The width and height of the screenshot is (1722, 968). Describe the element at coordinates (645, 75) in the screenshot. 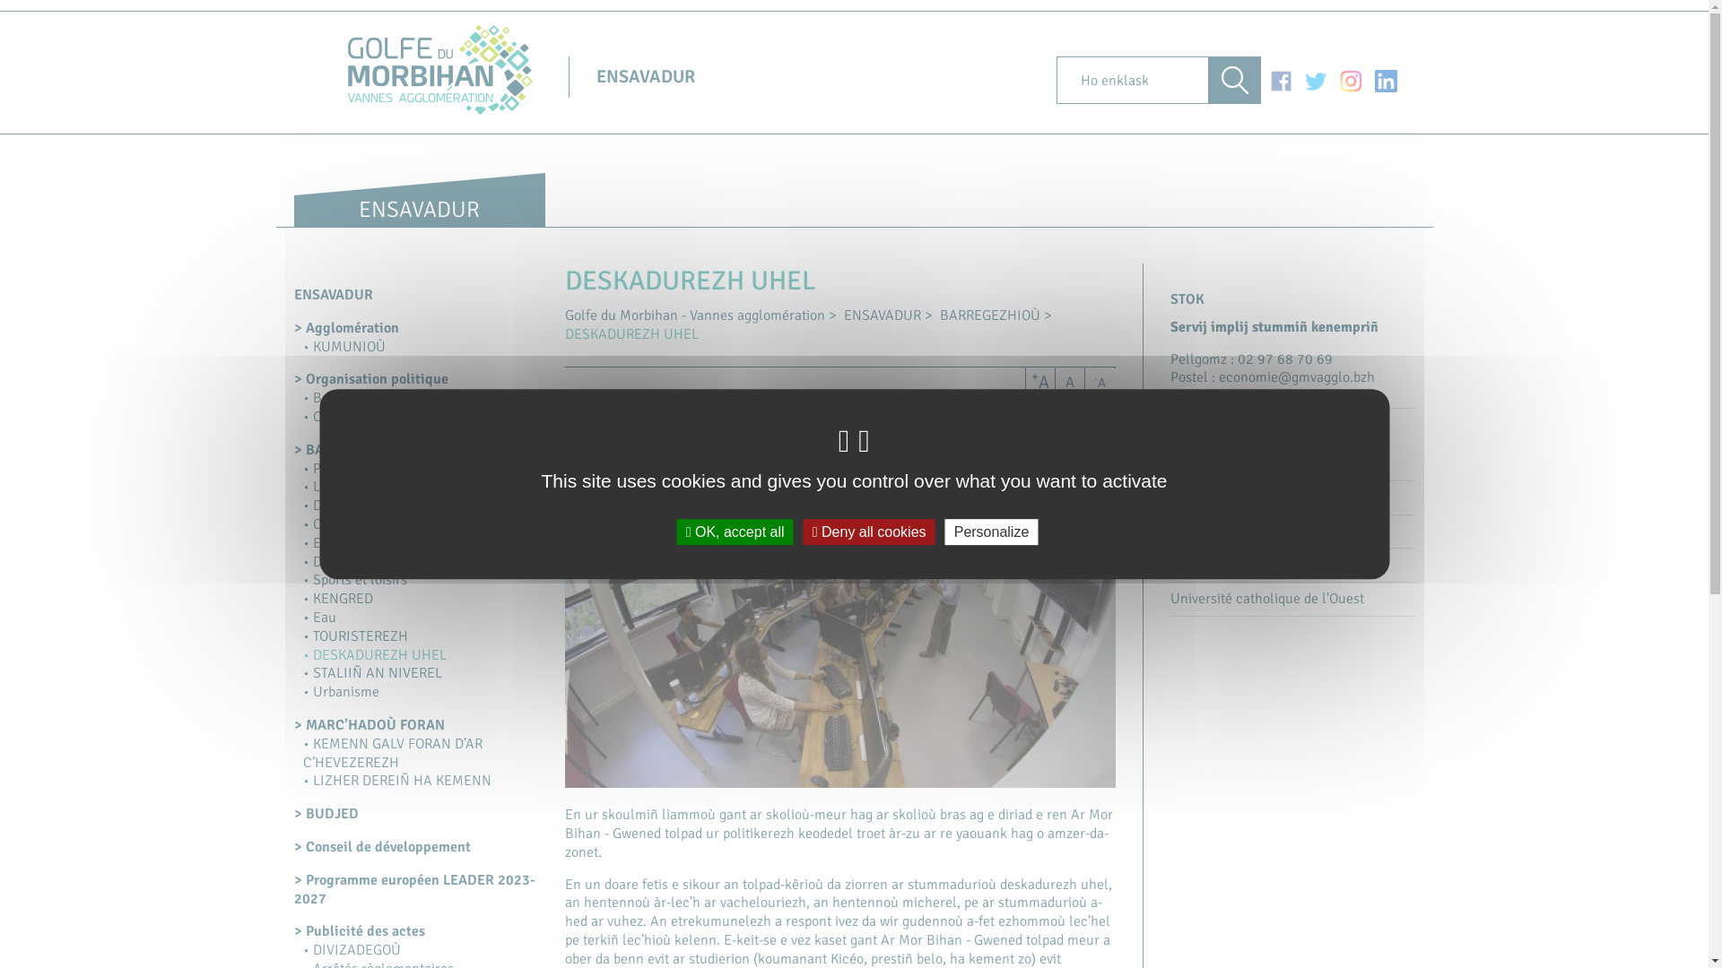

I see `'ENSAVADUR'` at that location.